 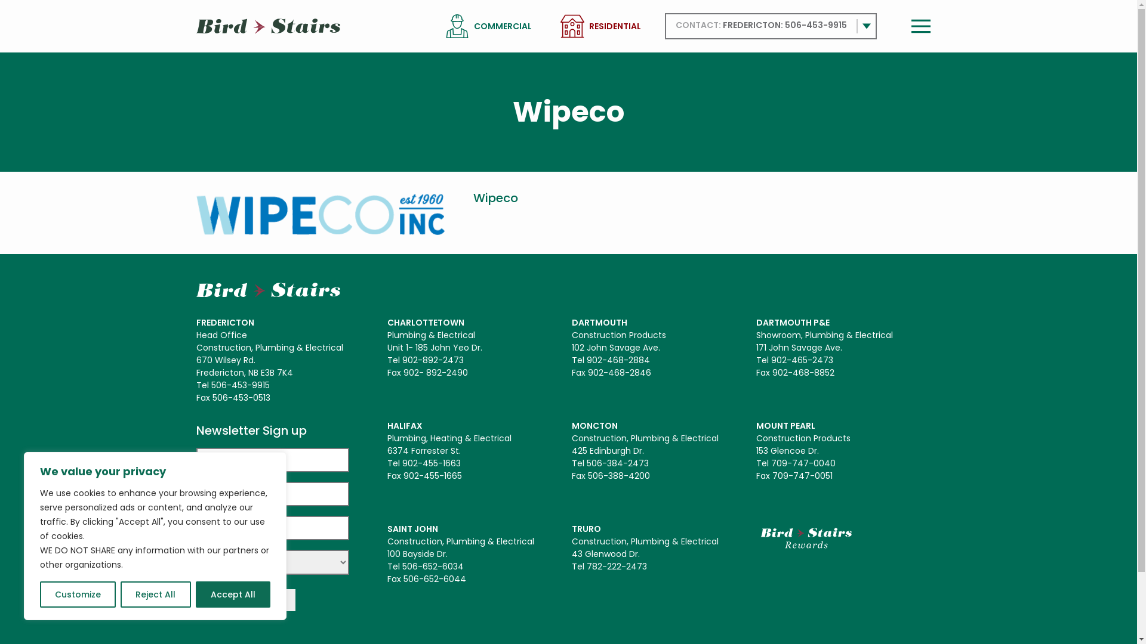 I want to click on 'Customize', so click(x=77, y=594).